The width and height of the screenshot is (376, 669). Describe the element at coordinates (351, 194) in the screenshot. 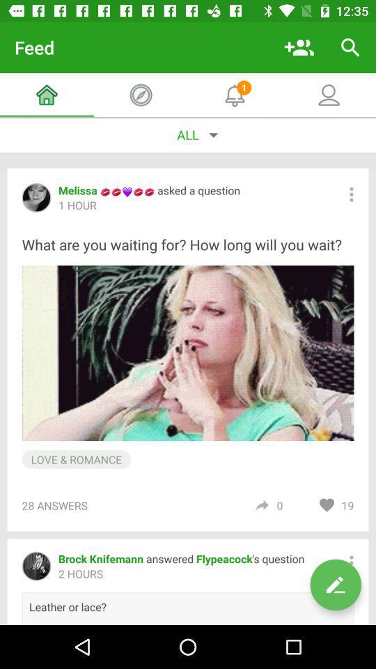

I see `the  more option beside the  text asked a question` at that location.